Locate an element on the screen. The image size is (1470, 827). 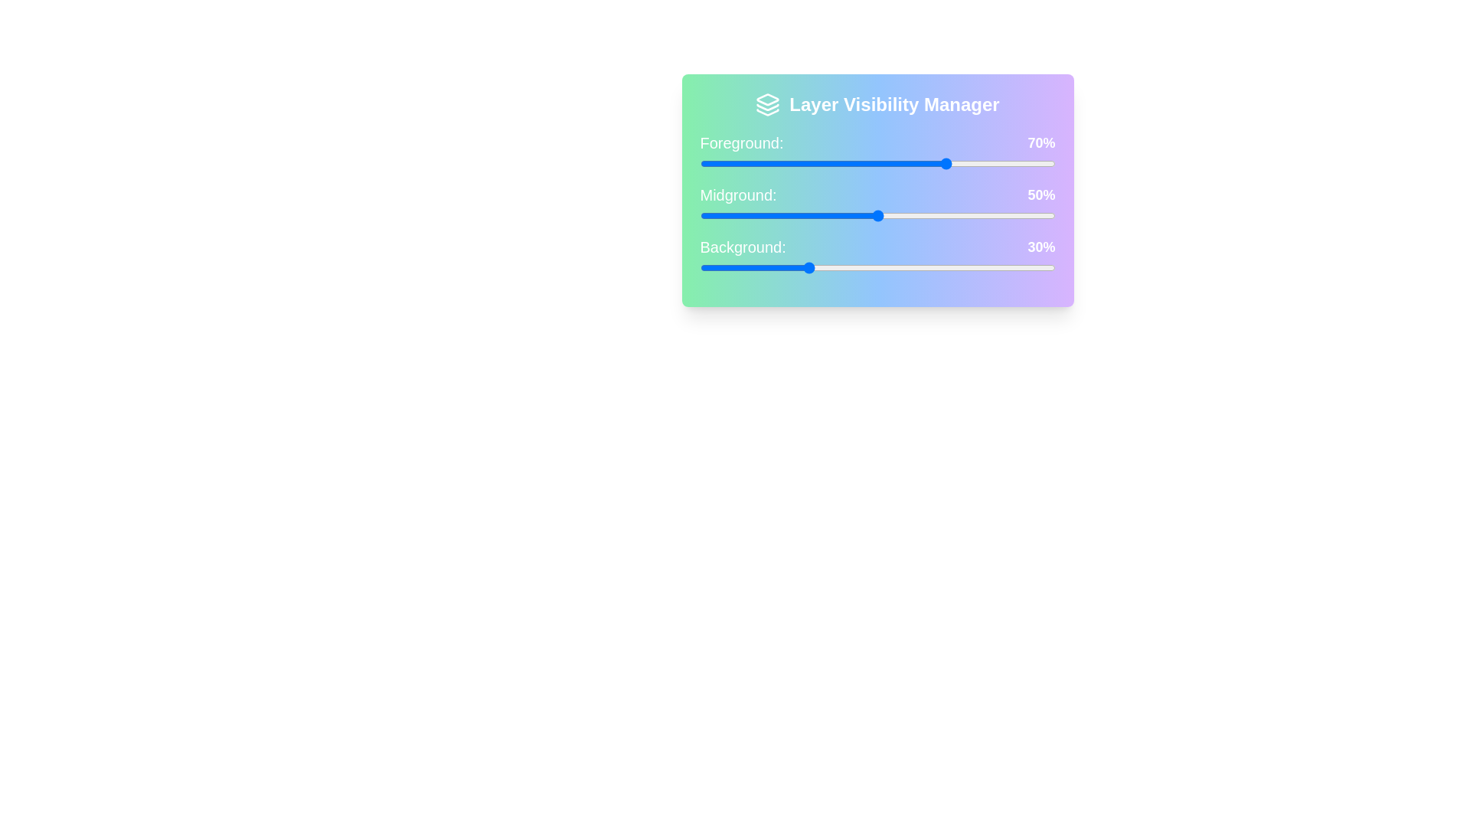
the Foreground slider to 3% is located at coordinates (710, 163).